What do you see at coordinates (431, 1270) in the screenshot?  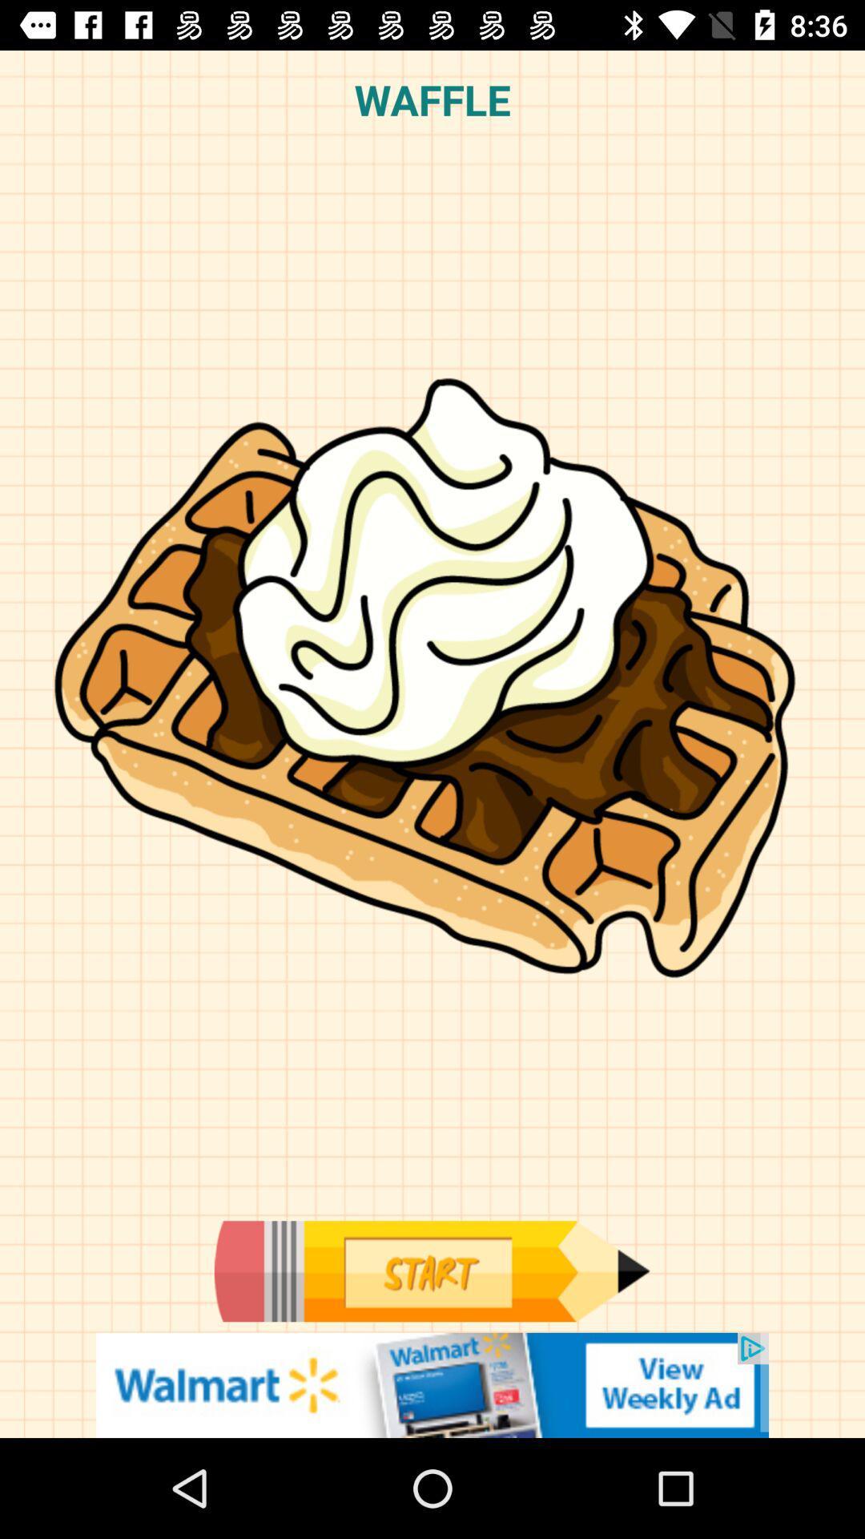 I see `start drawing` at bounding box center [431, 1270].